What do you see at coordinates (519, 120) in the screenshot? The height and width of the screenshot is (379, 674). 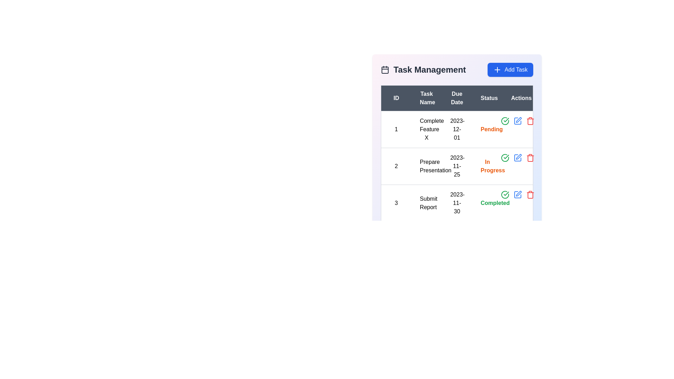 I see `the editing icon in the 'Actions' column associated with the task 'Complete Feature X' in the first row to initiate the editing process` at bounding box center [519, 120].